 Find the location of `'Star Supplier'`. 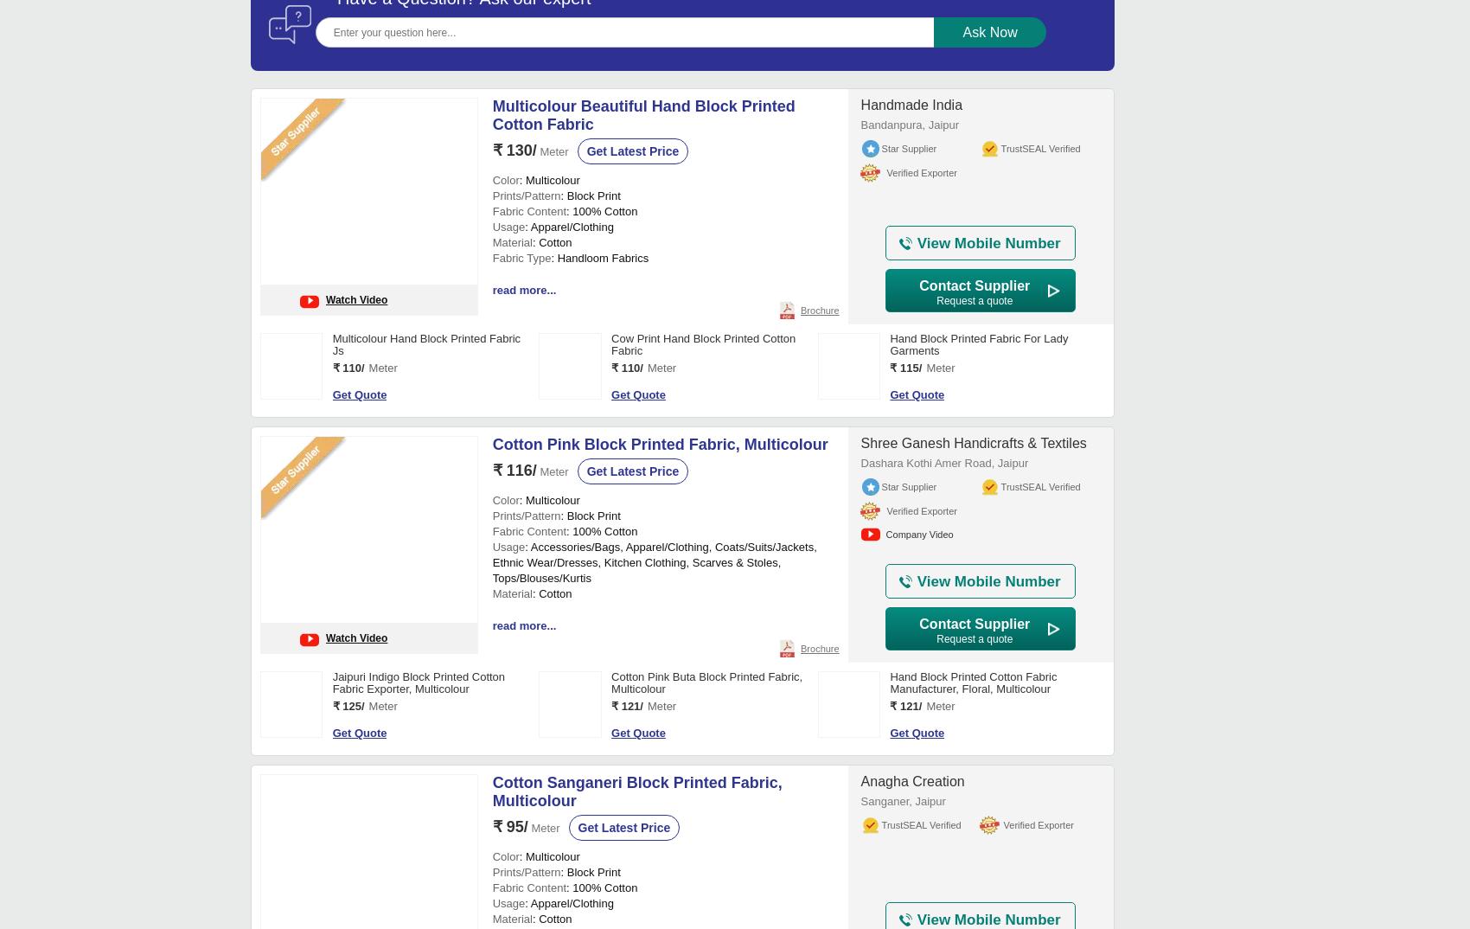

'Star Supplier' is located at coordinates (907, 677).